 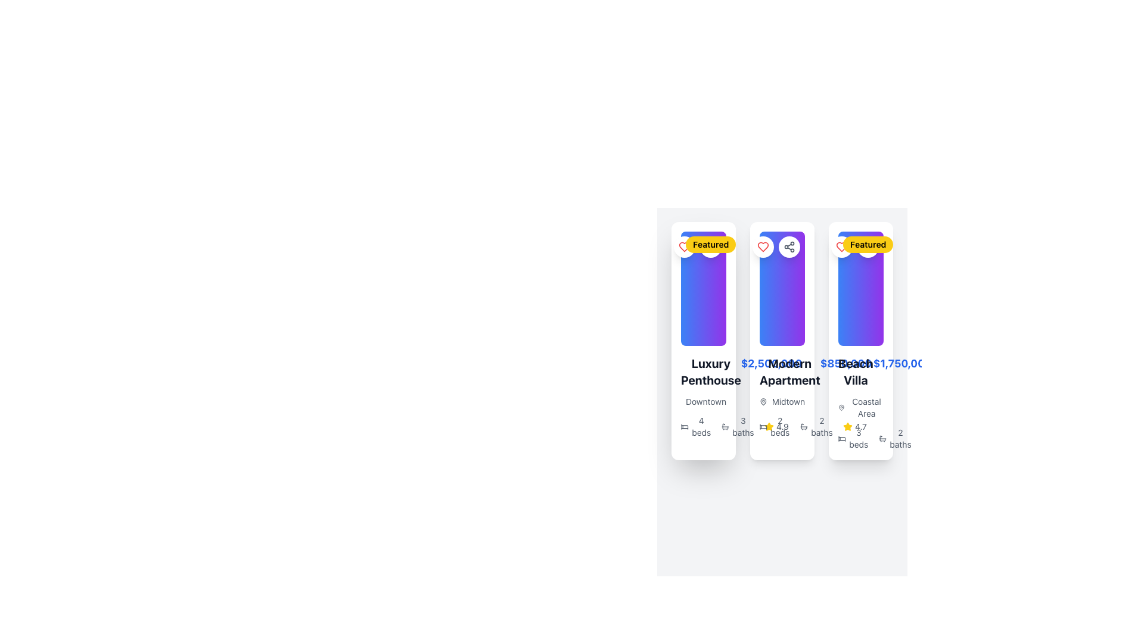 What do you see at coordinates (866, 407) in the screenshot?
I see `the 'Coastal Area' text label for accessibility navigation` at bounding box center [866, 407].